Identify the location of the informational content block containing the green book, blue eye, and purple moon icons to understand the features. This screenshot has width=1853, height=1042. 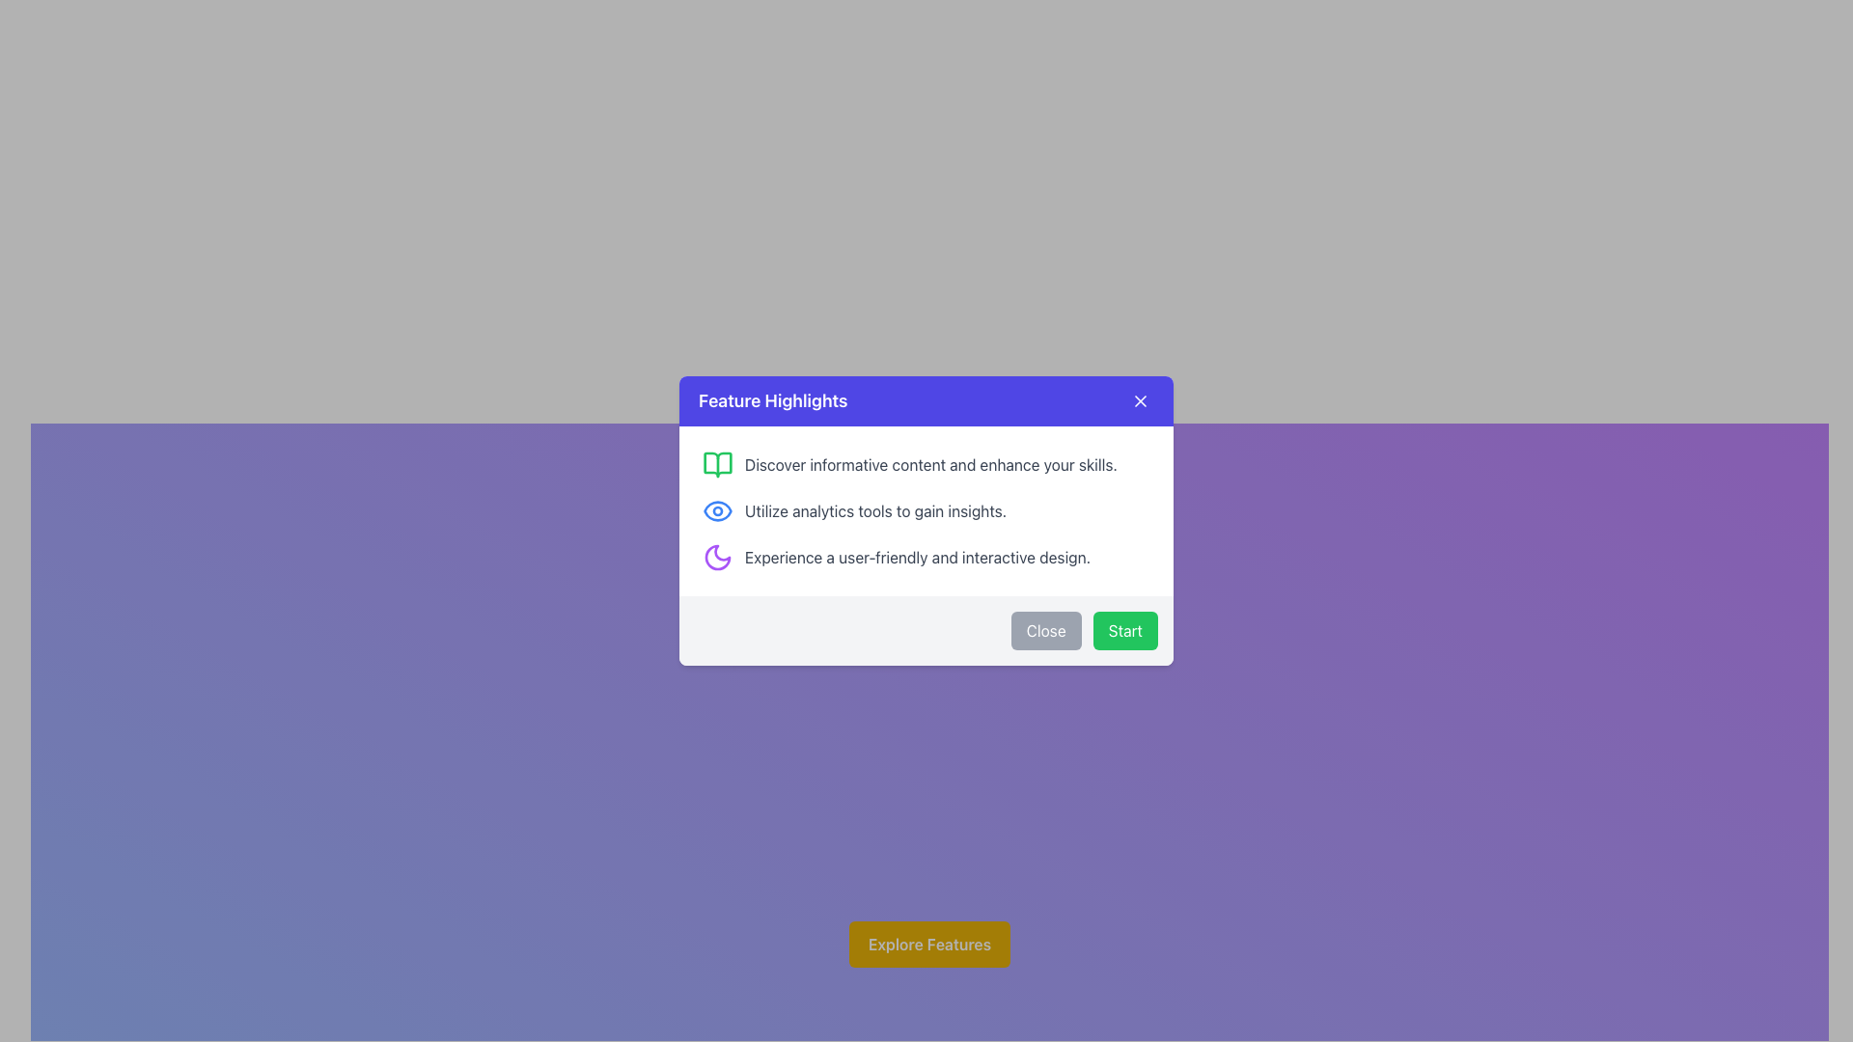
(926, 509).